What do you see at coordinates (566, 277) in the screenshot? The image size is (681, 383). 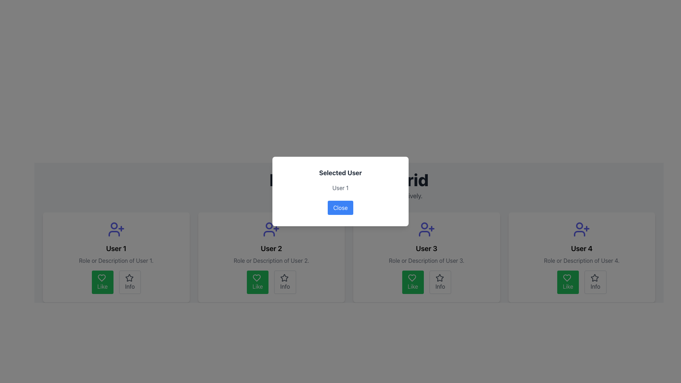 I see `the heart-shaped icon within the green 'Like' button located on User 4's card` at bounding box center [566, 277].